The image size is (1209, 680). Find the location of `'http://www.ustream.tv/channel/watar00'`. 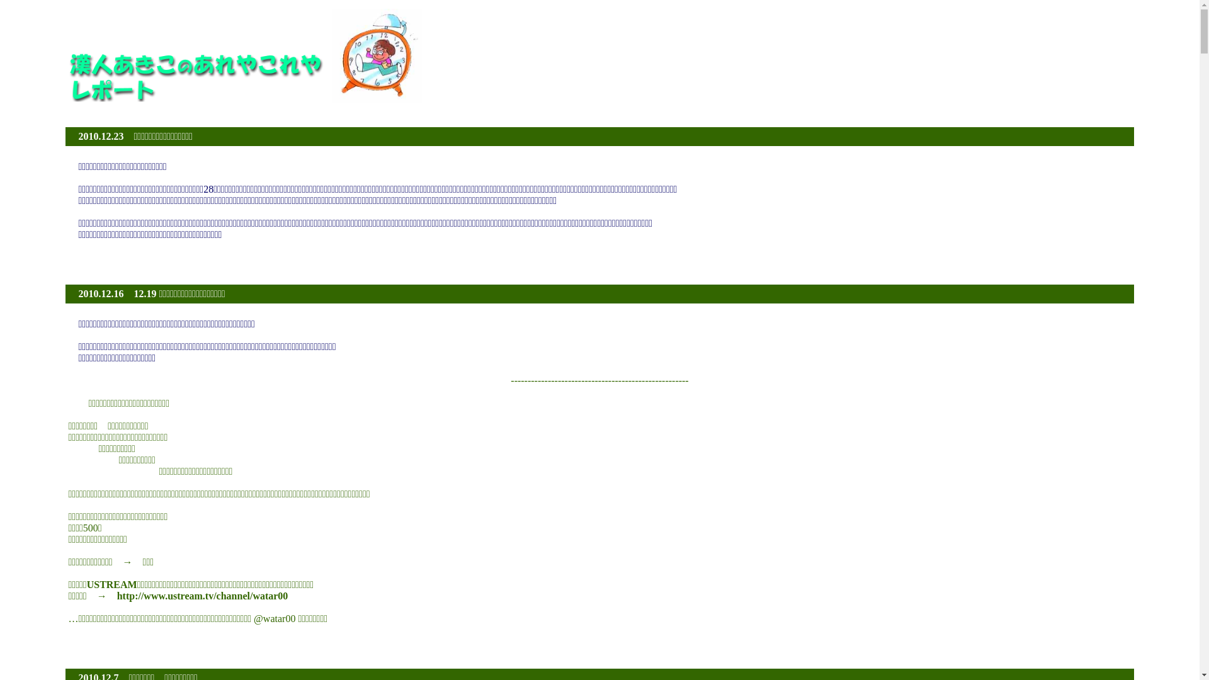

'http://www.ustream.tv/channel/watar00' is located at coordinates (202, 595).